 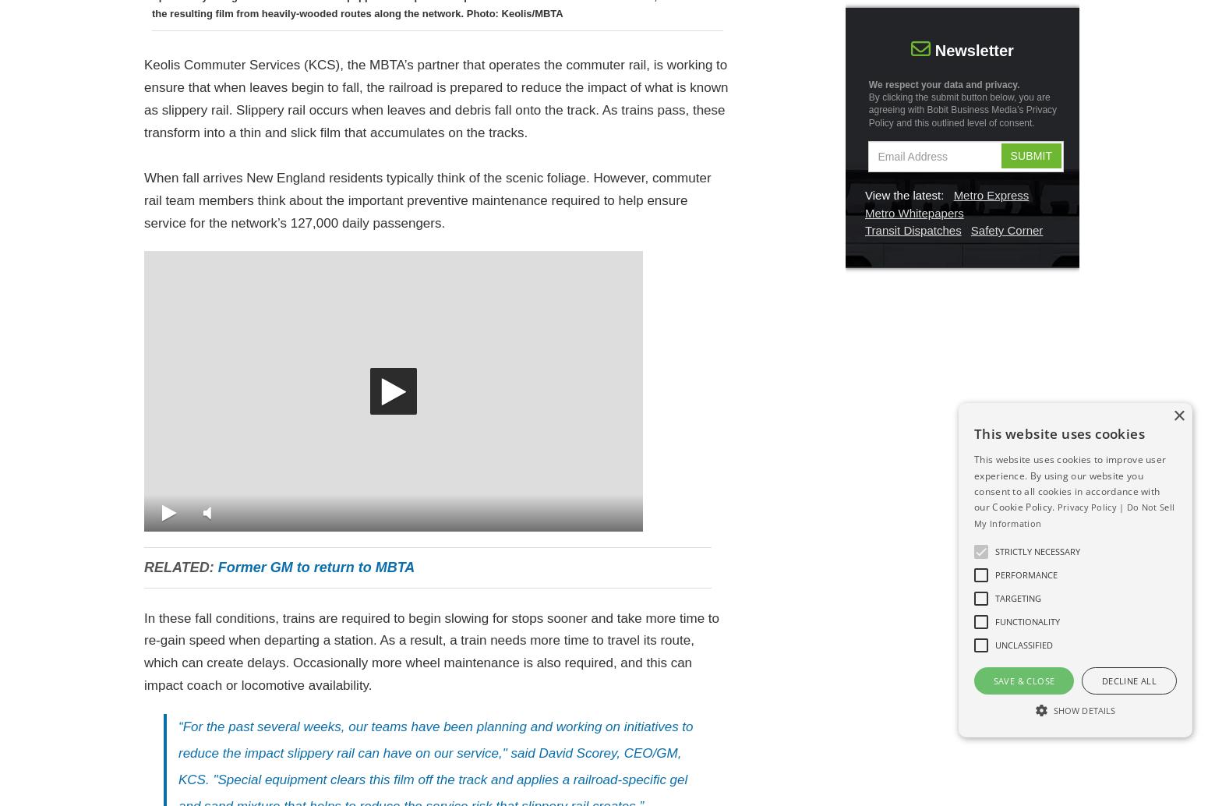 I want to click on 'Transit Dispatches', so click(x=913, y=229).